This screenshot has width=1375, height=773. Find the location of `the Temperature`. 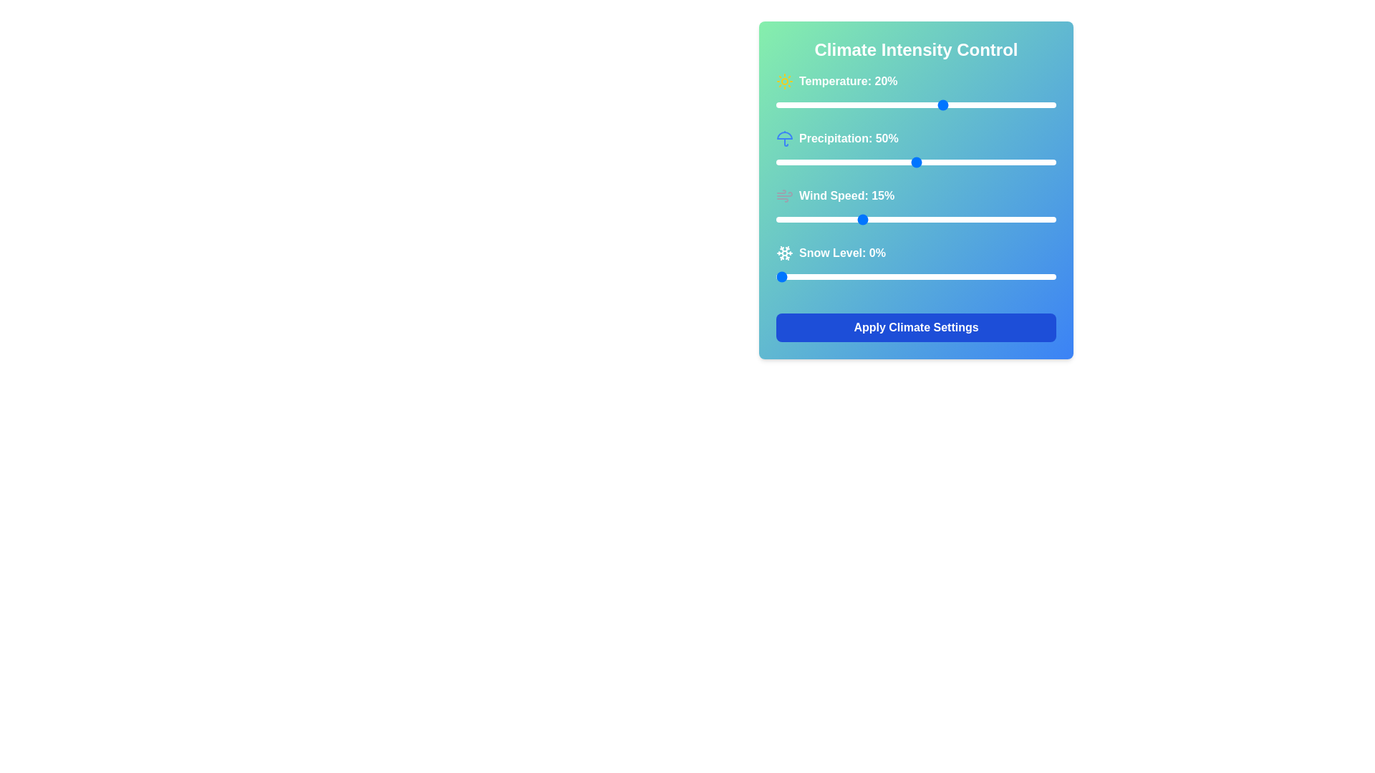

the Temperature is located at coordinates (809, 104).